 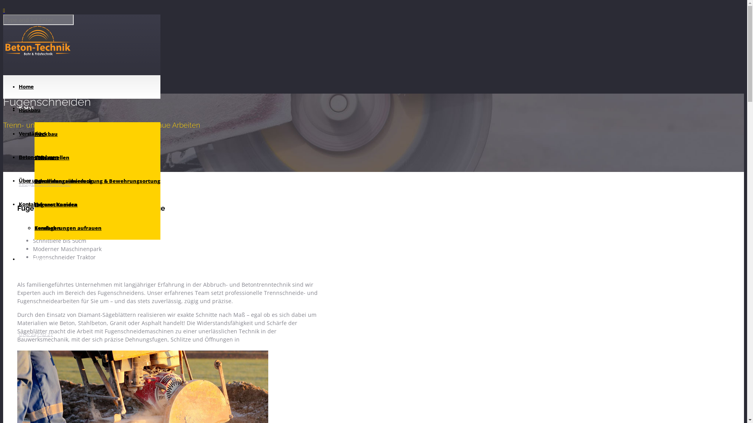 What do you see at coordinates (28, 204) in the screenshot?
I see `'Kontakt'` at bounding box center [28, 204].